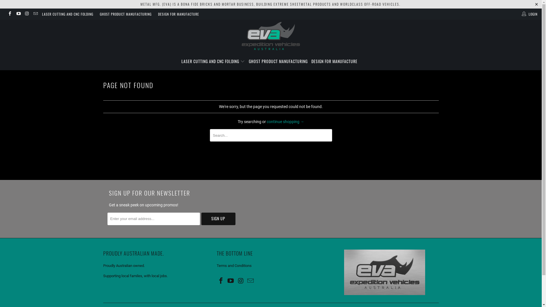 Image resolution: width=546 pixels, height=307 pixels. I want to click on 'Terms and Conditions', so click(234, 265).